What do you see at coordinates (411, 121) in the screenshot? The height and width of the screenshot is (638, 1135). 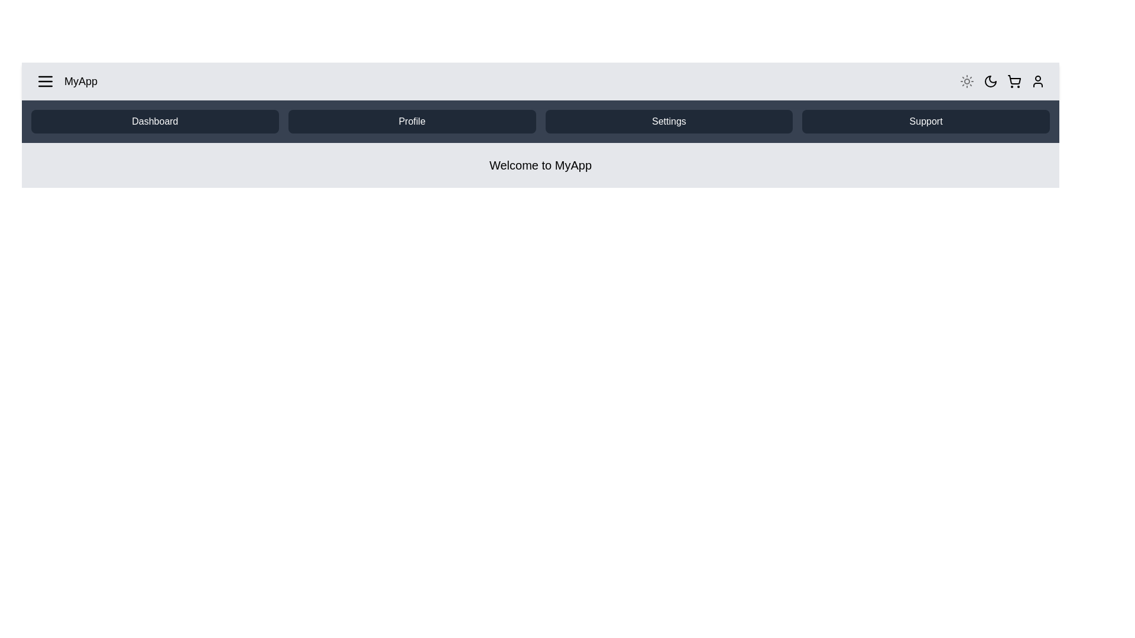 I see `the Profile button in the navigation bar` at bounding box center [411, 121].